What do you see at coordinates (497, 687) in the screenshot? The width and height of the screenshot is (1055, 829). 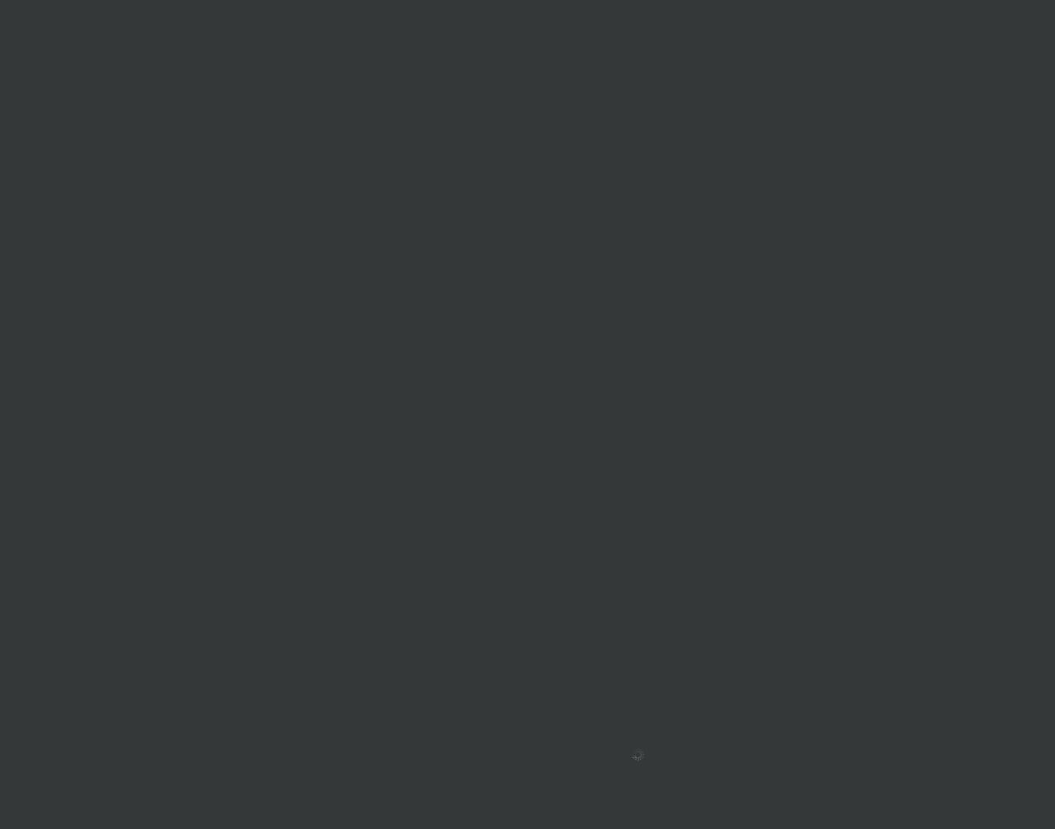 I see `'4 Comments'` at bounding box center [497, 687].